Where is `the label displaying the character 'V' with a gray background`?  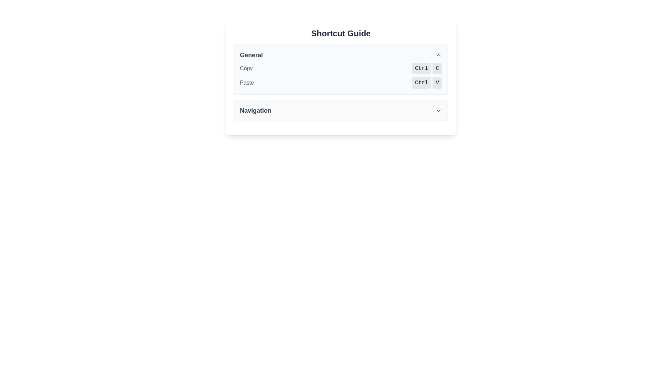 the label displaying the character 'V' with a gray background is located at coordinates (437, 83).